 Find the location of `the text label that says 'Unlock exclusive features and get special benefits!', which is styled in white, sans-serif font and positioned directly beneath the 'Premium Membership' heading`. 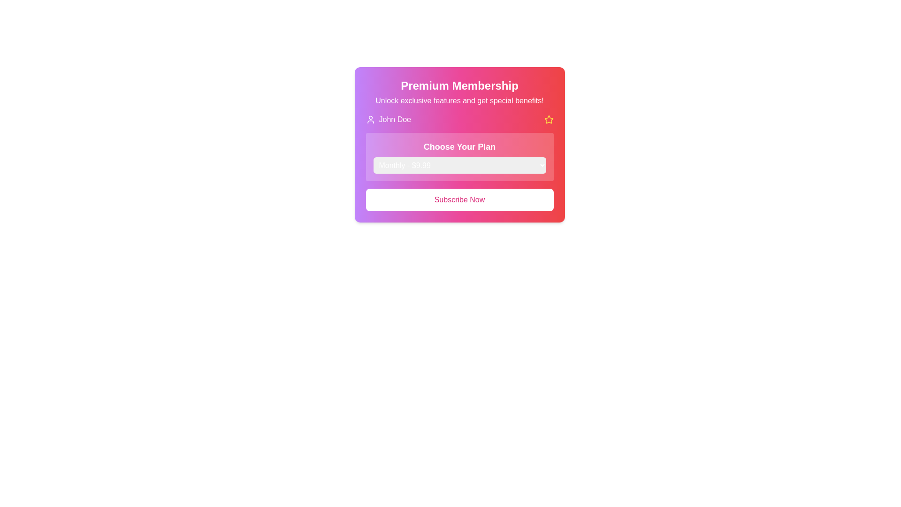

the text label that says 'Unlock exclusive features and get special benefits!', which is styled in white, sans-serif font and positioned directly beneath the 'Premium Membership' heading is located at coordinates (459, 101).